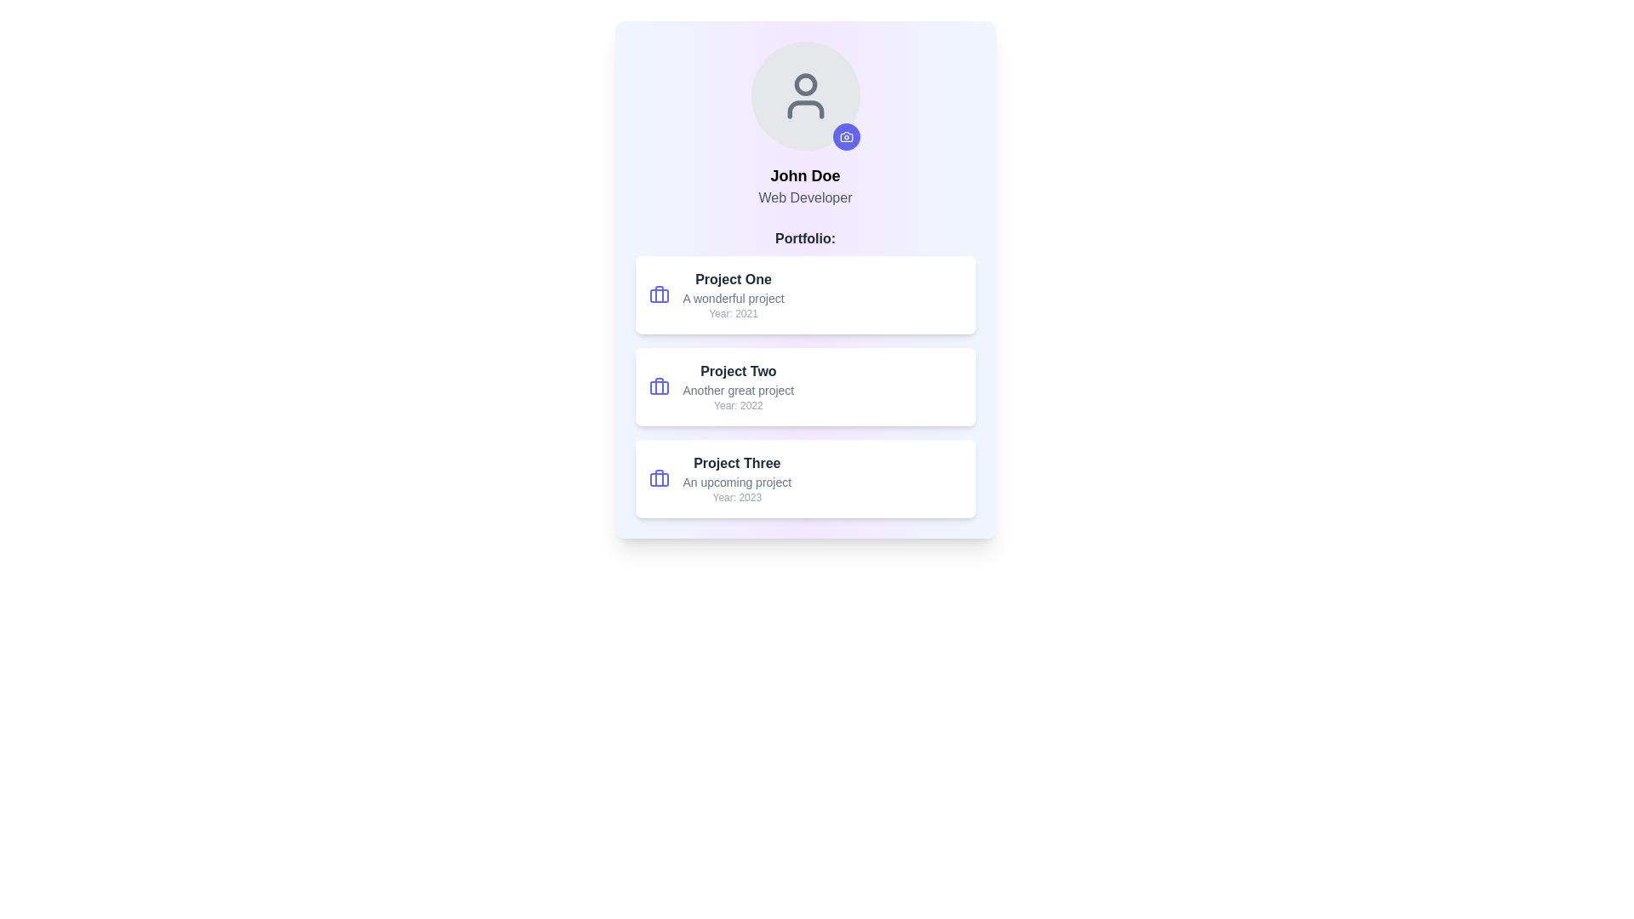  Describe the element at coordinates (846, 136) in the screenshot. I see `the camera icon element at the top section of the profile card, which features a rectangular body with a lens circle and a flash detail` at that location.